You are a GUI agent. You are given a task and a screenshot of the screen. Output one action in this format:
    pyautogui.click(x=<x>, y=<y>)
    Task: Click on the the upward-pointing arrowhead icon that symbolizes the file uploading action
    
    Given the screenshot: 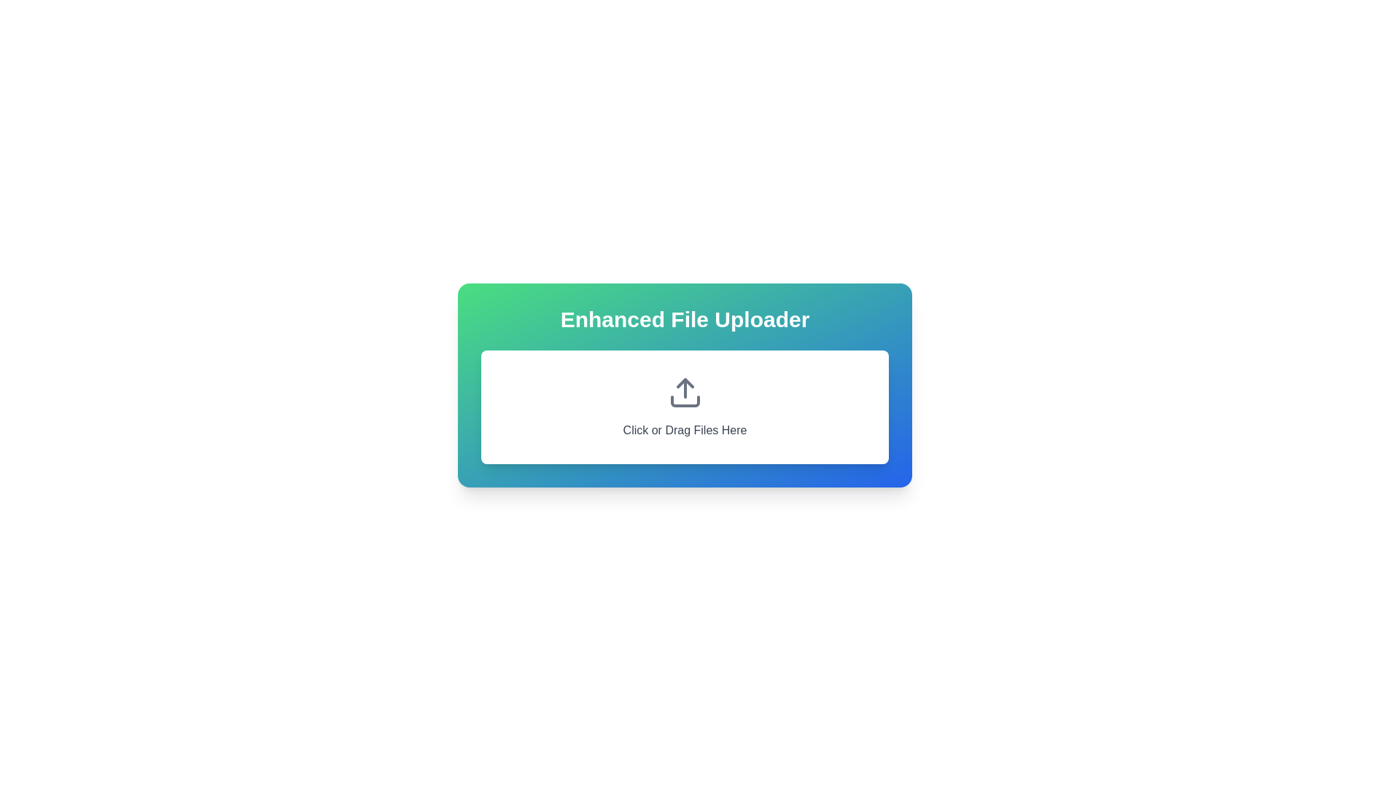 What is the action you would take?
    pyautogui.click(x=684, y=382)
    